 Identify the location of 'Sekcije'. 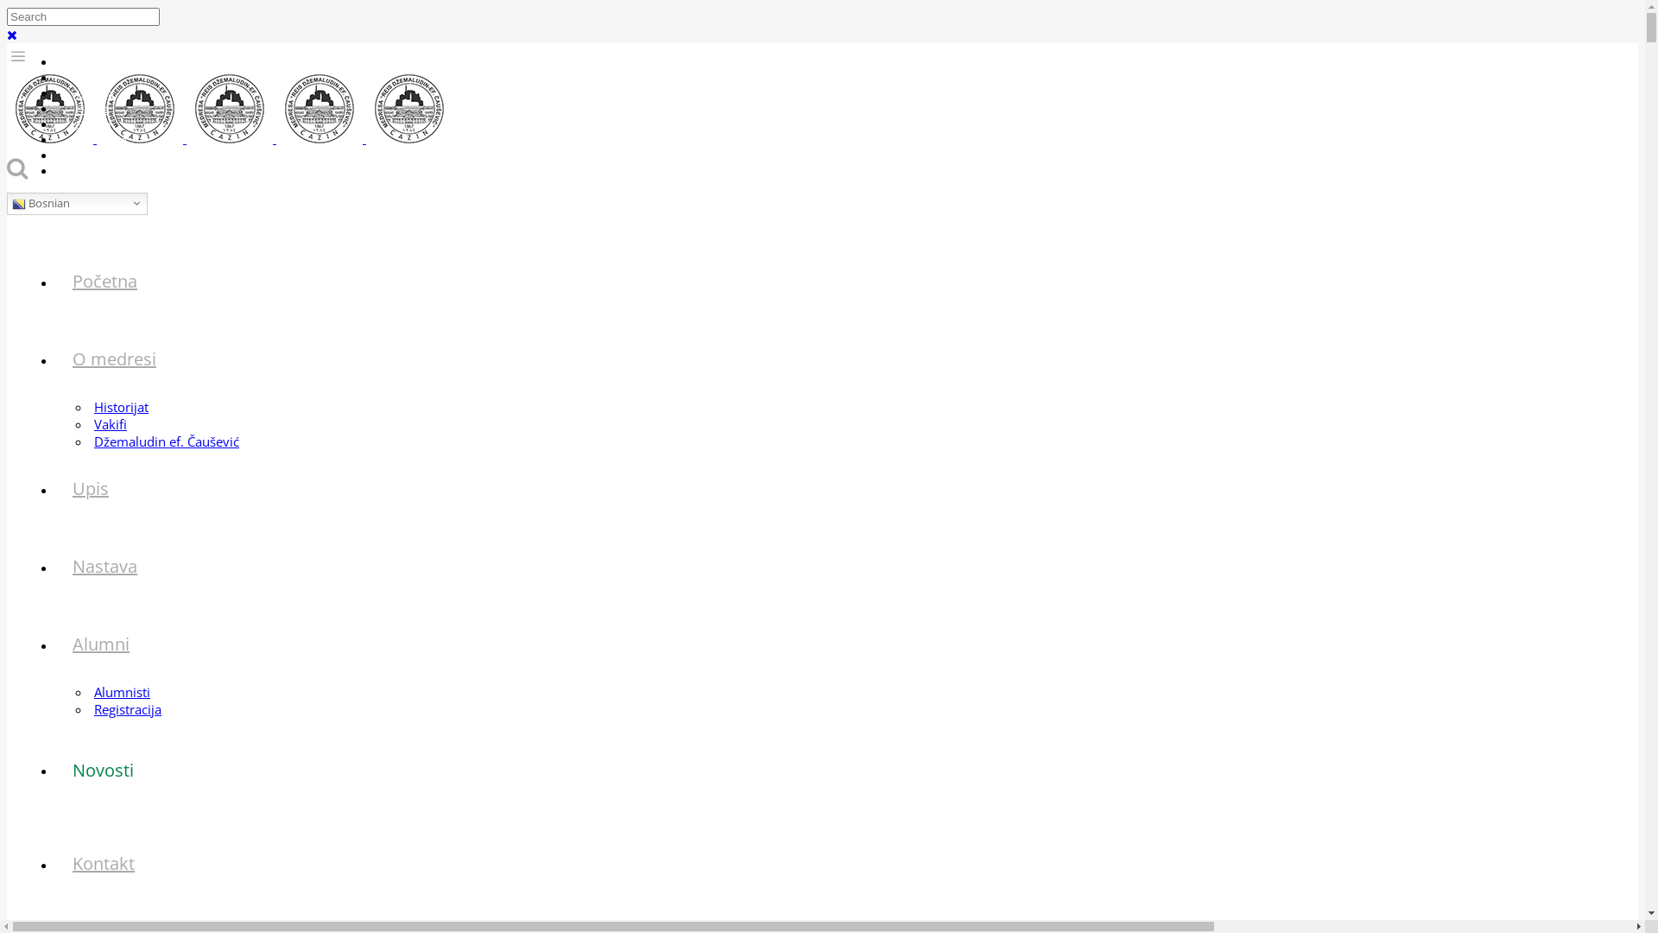
(83, 123).